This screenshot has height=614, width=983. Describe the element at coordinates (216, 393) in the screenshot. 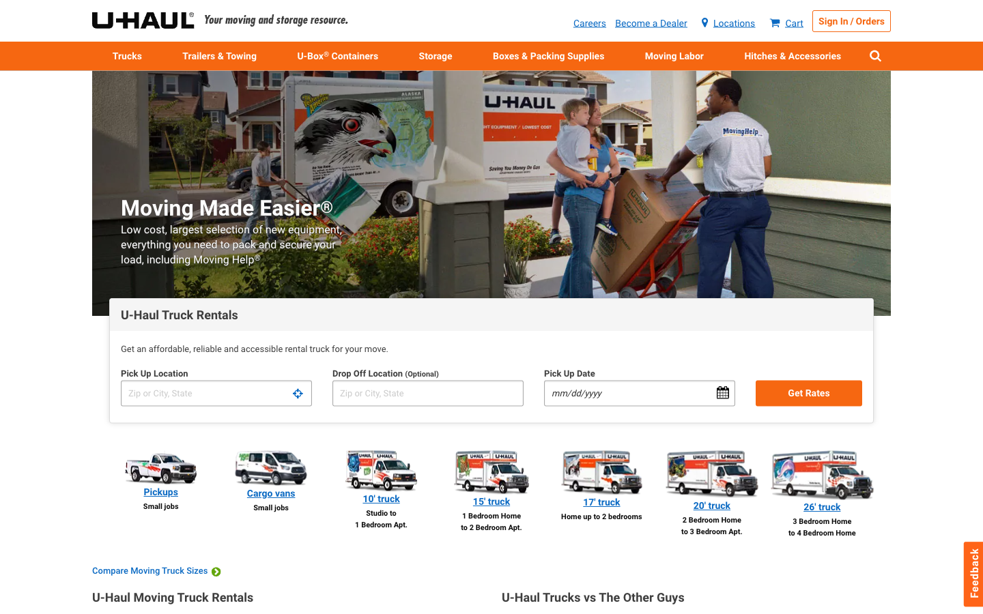

I see `Get rates for truck rental with pick up at A` at that location.